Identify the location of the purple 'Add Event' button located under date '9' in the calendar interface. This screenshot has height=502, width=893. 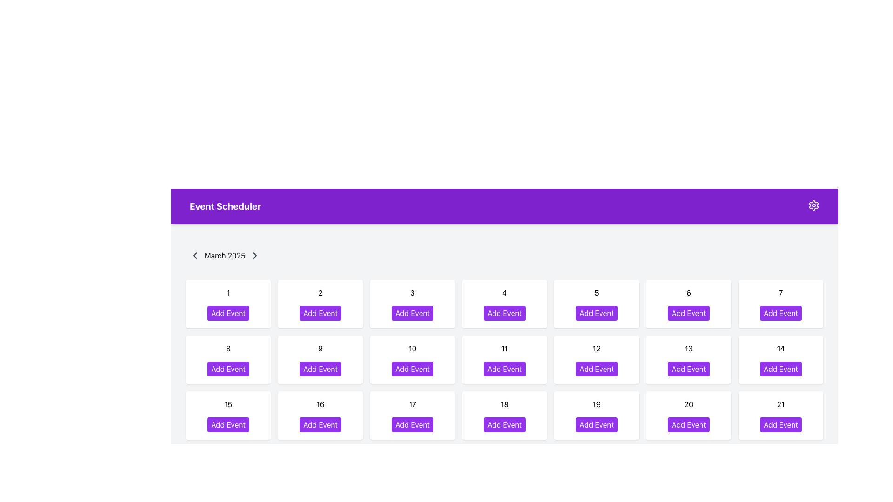
(320, 369).